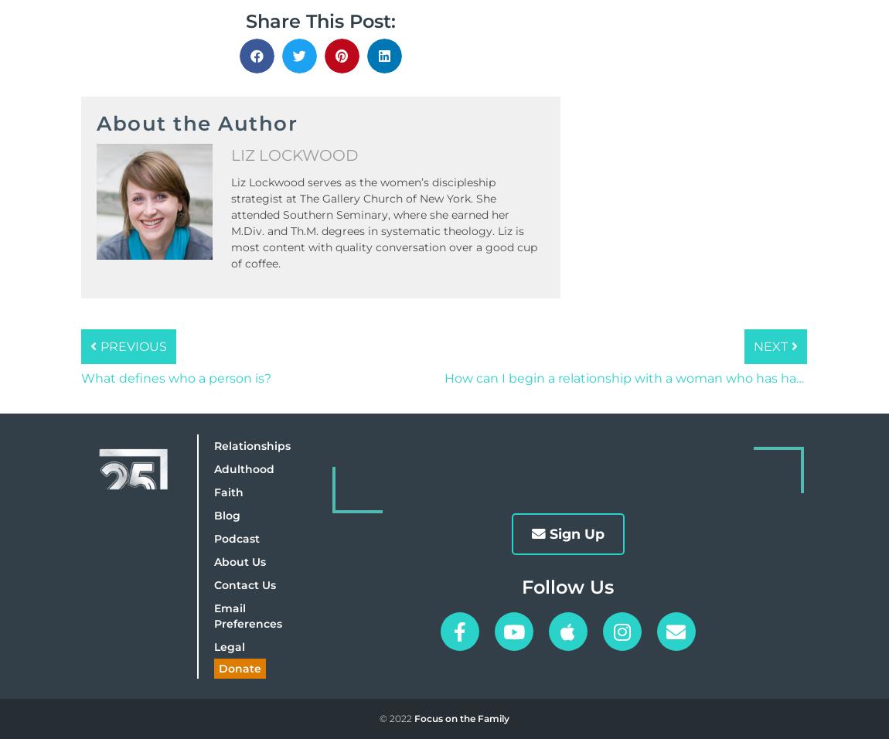 The height and width of the screenshot is (739, 889). Describe the element at coordinates (521, 586) in the screenshot. I see `'Follow Us'` at that location.